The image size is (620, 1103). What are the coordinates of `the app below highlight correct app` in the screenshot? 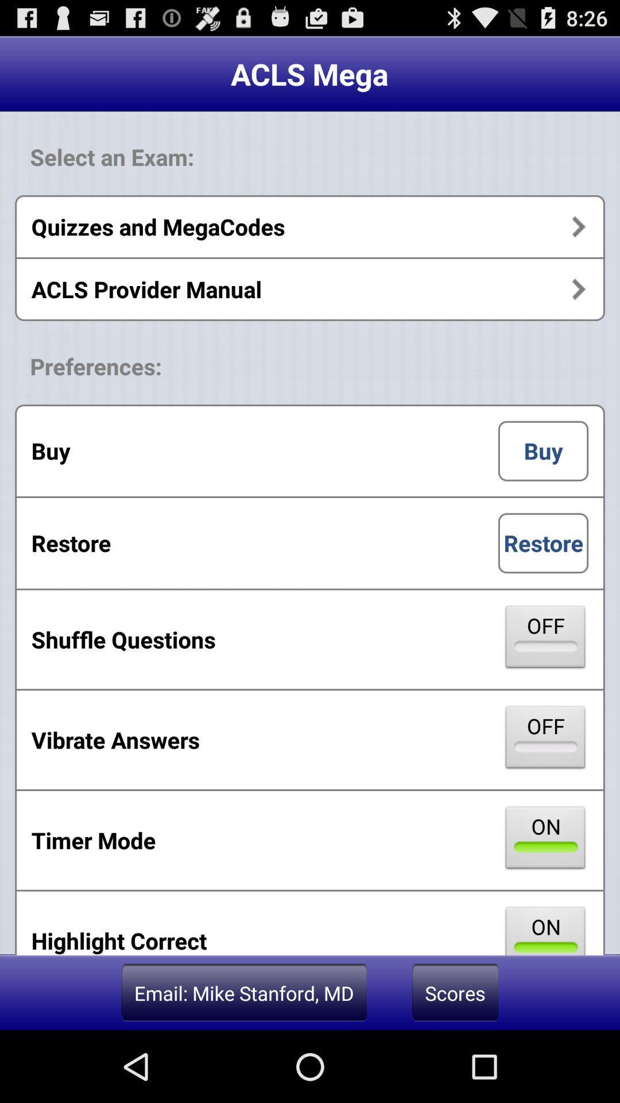 It's located at (243, 992).